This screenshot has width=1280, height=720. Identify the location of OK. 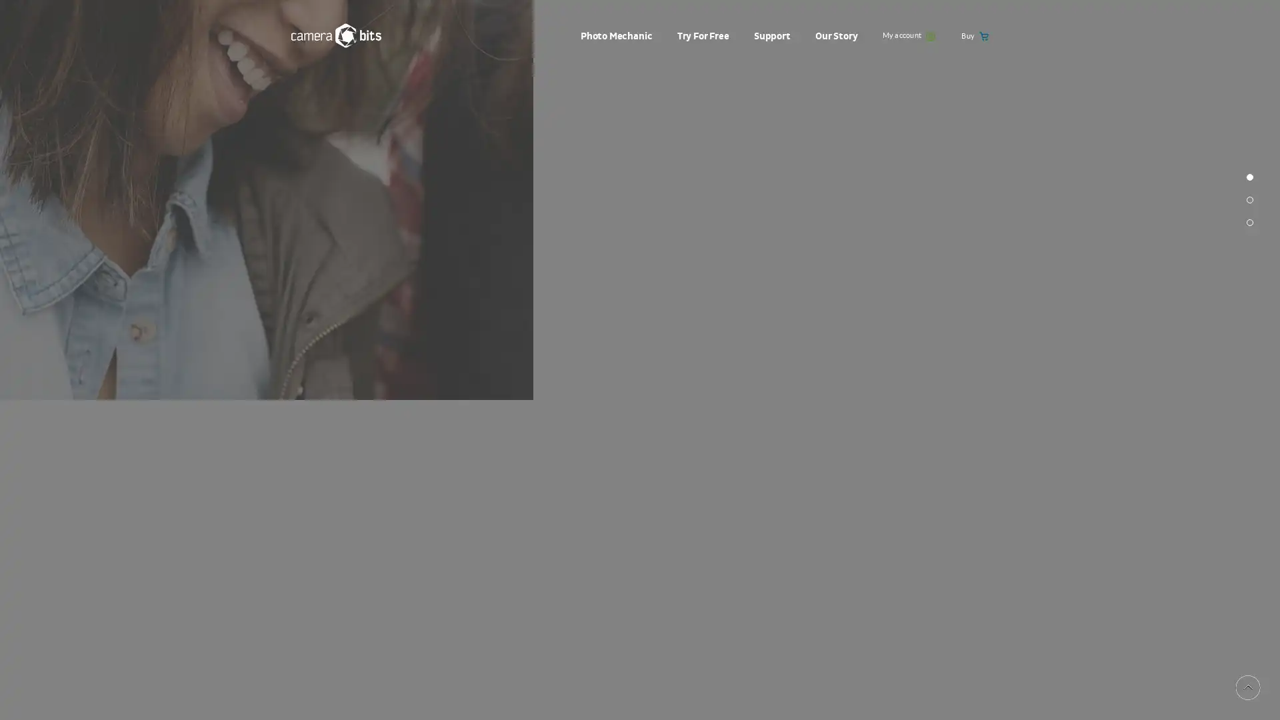
(837, 699).